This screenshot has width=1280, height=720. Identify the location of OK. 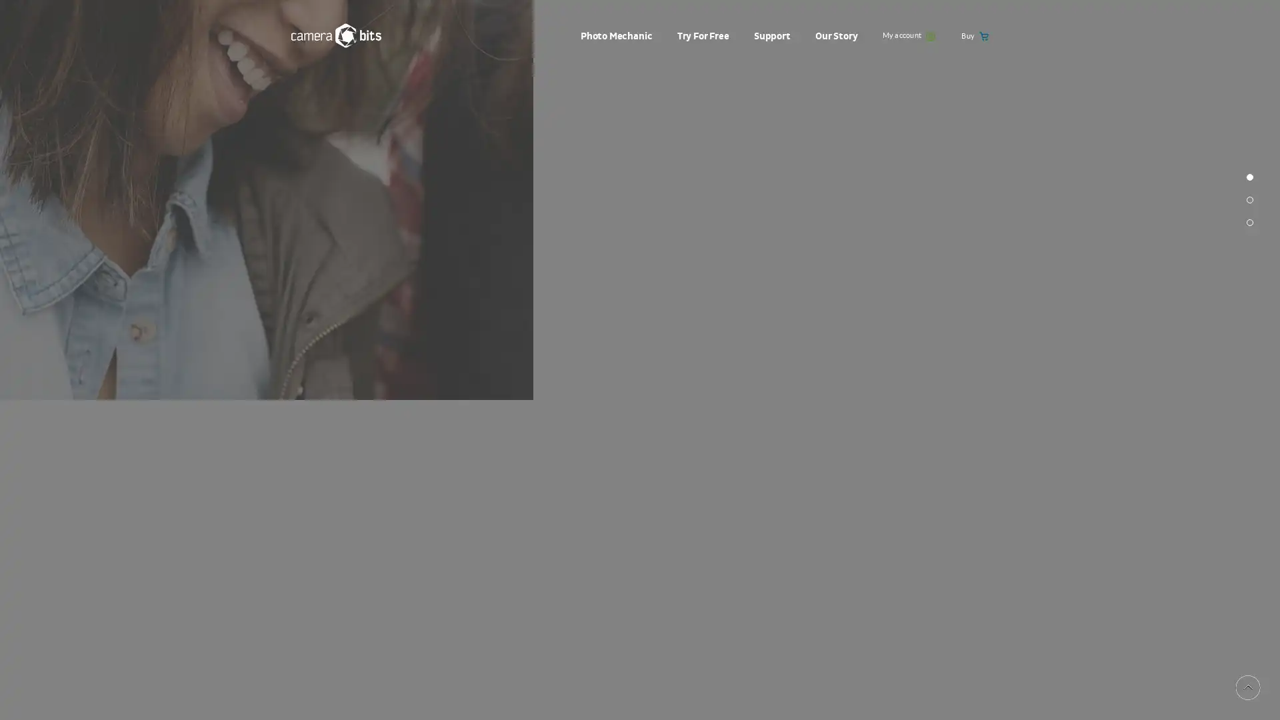
(837, 699).